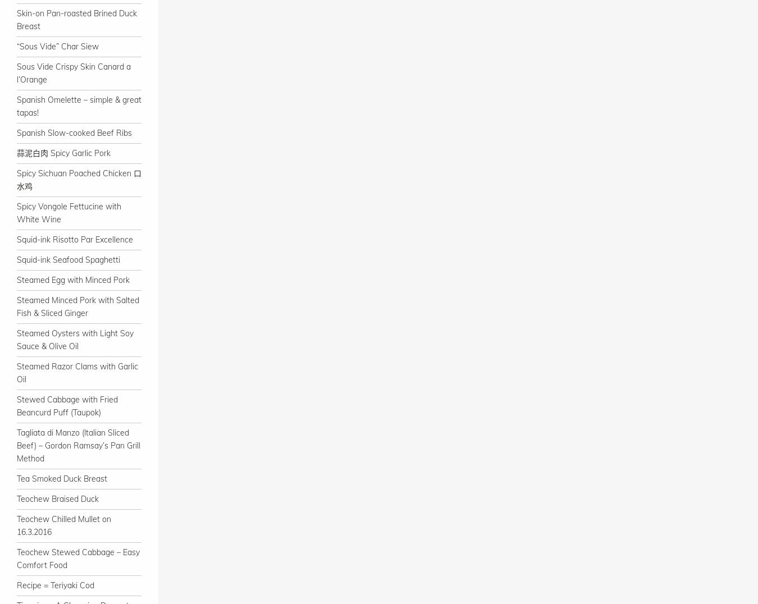  I want to click on 'Teochew Stewed Cabbage – Easy Comfort Food', so click(78, 558).